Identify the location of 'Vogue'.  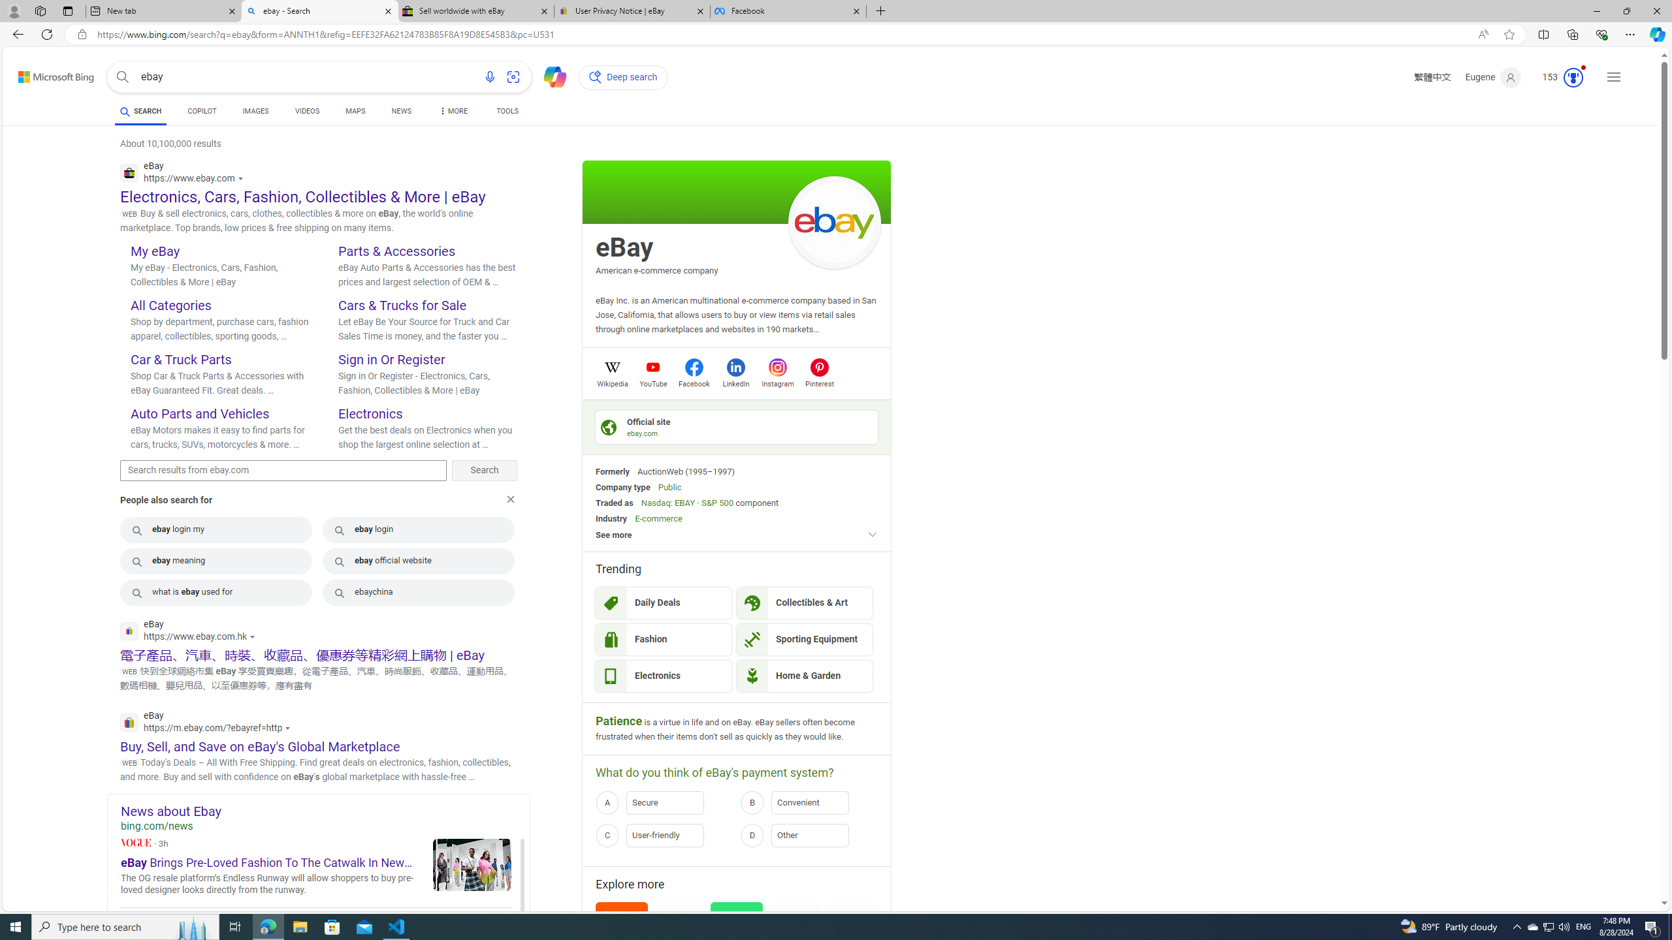
(135, 842).